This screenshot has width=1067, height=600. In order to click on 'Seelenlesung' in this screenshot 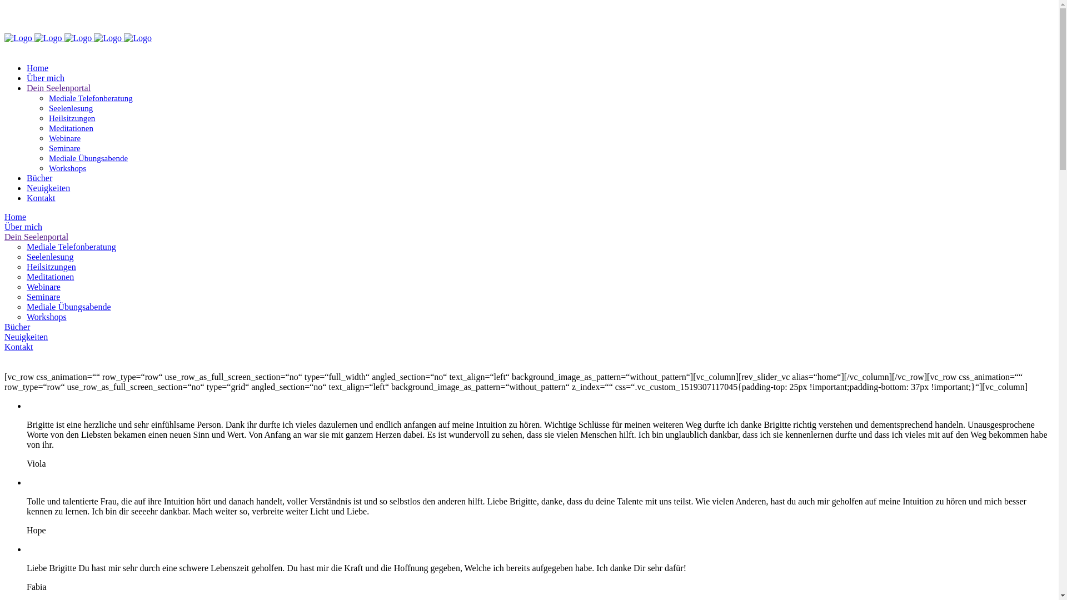, I will do `click(49, 257)`.